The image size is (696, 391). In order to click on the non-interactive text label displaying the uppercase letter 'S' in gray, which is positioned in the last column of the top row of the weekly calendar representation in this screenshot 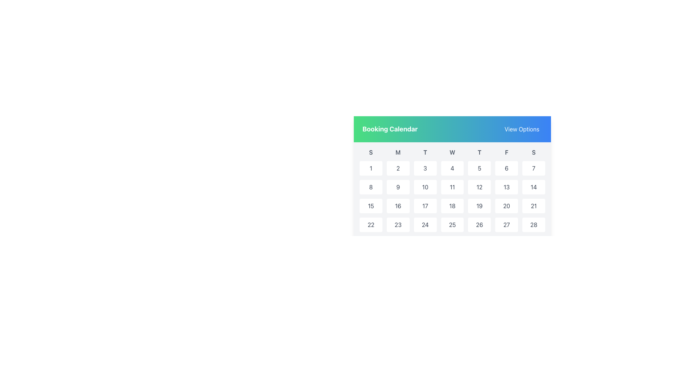, I will do `click(534, 152)`.